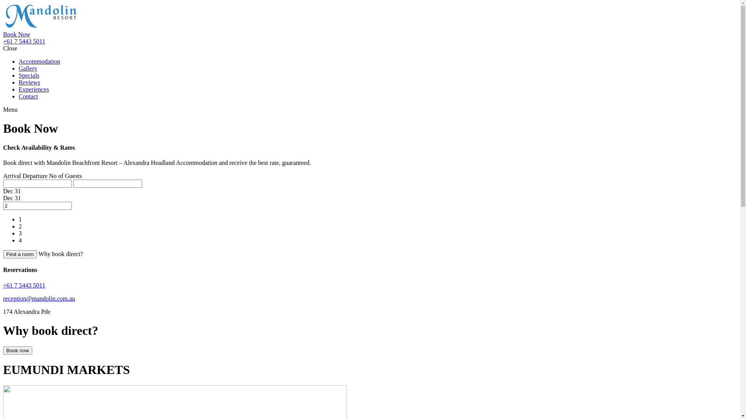 This screenshot has height=419, width=746. Describe the element at coordinates (12, 197) in the screenshot. I see `'Dec 31'` at that location.